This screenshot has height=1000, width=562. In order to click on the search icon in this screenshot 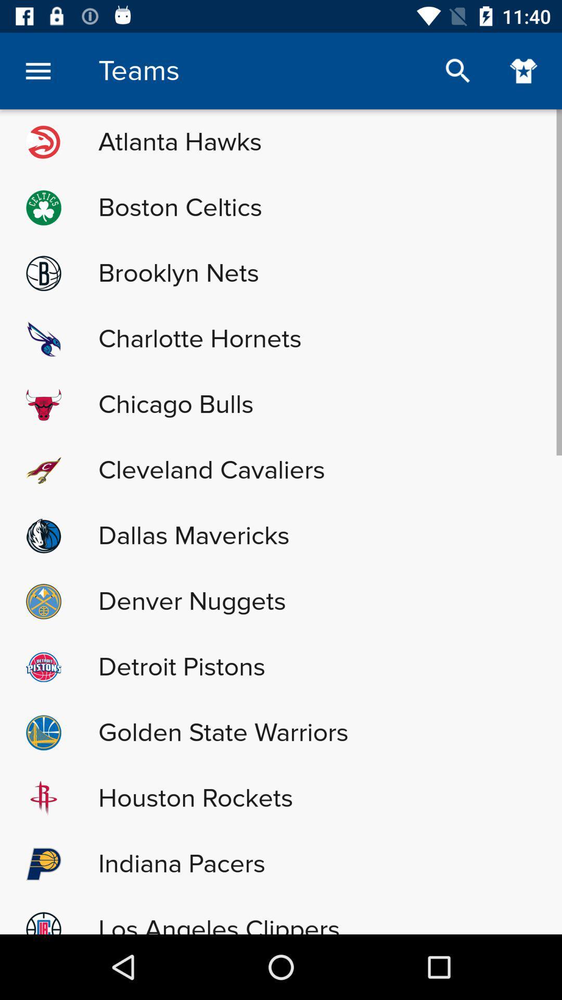, I will do `click(457, 70)`.